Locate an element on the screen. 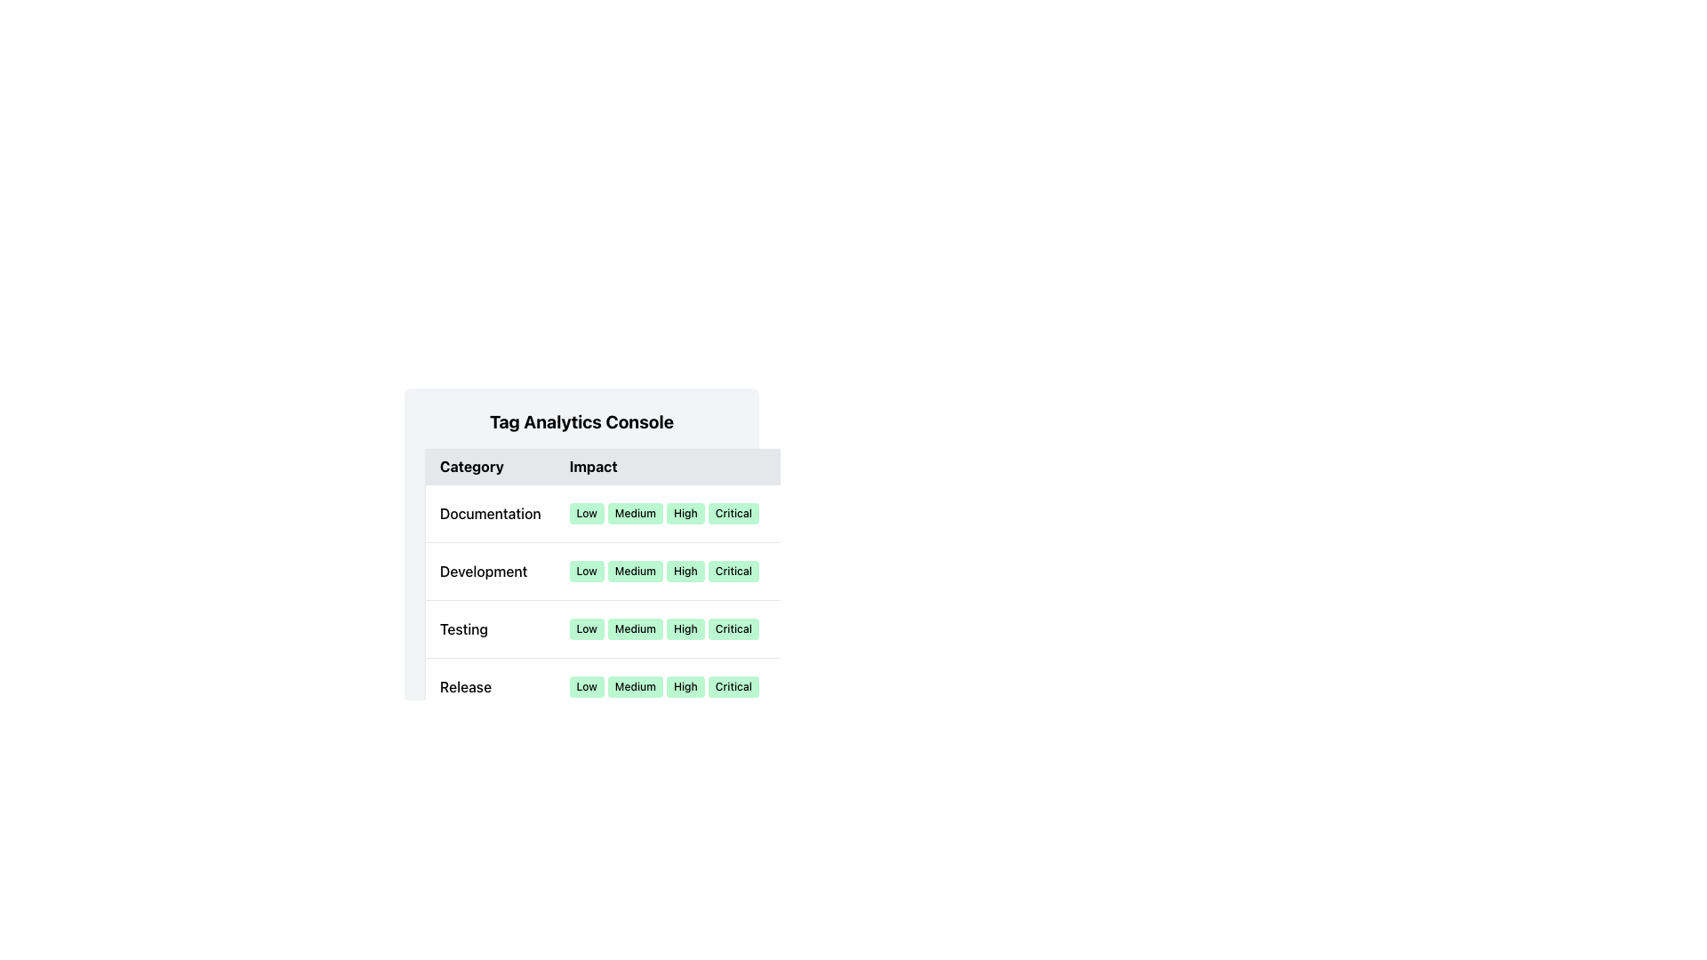  the row of styled labels or tags labeled 'Low,' 'Medium,' 'High,' and 'Critical' is located at coordinates (663, 685).